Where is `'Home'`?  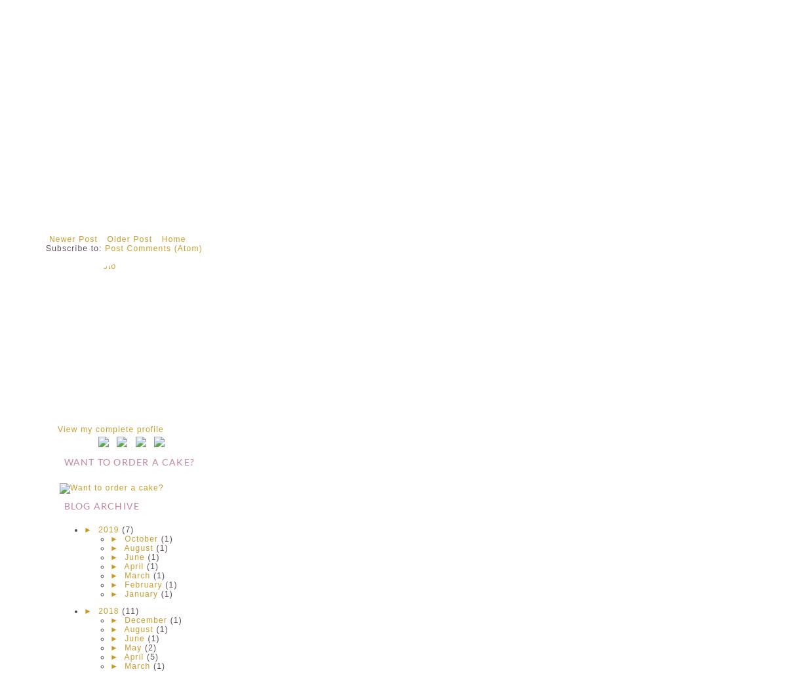 'Home' is located at coordinates (173, 239).